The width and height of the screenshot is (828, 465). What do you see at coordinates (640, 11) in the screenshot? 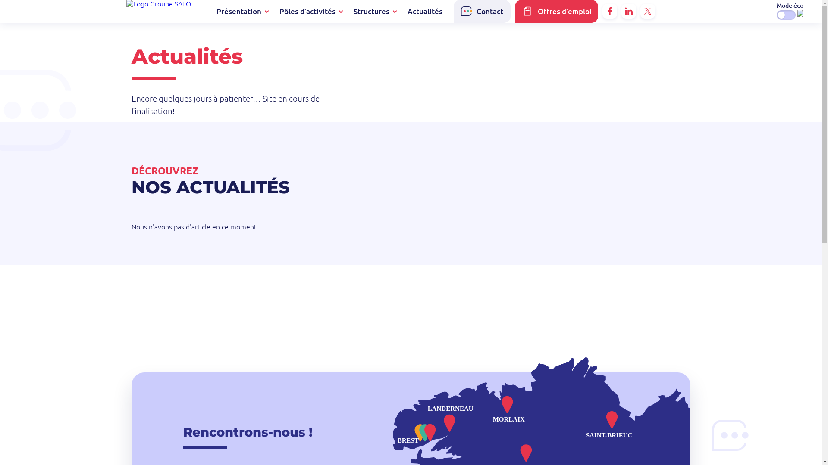
I see `'X'` at bounding box center [640, 11].